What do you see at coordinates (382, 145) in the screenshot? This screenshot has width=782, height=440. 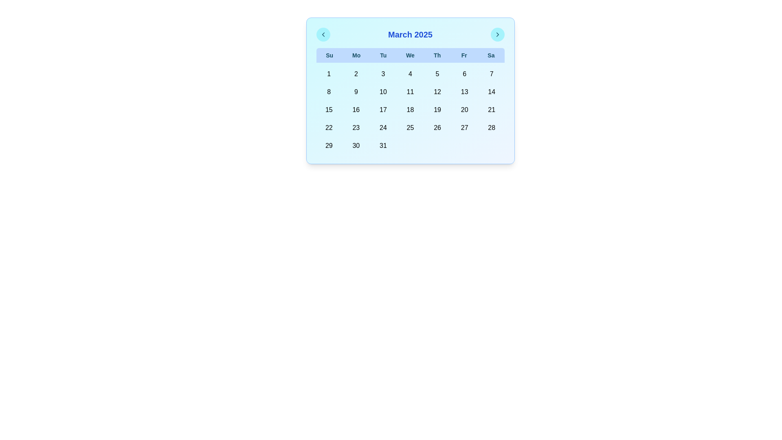 I see `the button representing the 31st day in the calendar view located in the Saturday column for keyboard input` at bounding box center [382, 145].